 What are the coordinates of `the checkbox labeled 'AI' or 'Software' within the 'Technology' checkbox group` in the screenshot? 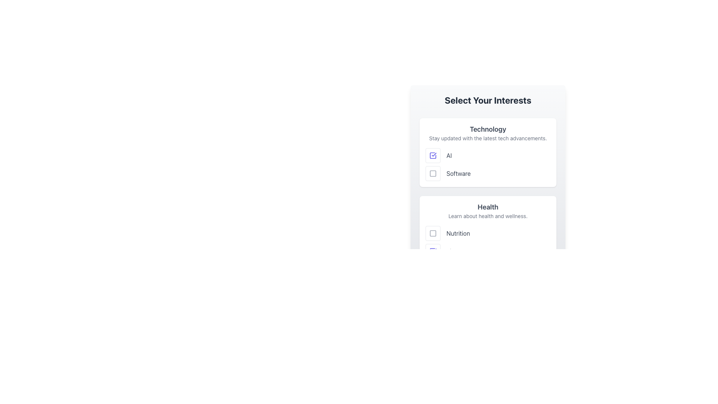 It's located at (488, 164).